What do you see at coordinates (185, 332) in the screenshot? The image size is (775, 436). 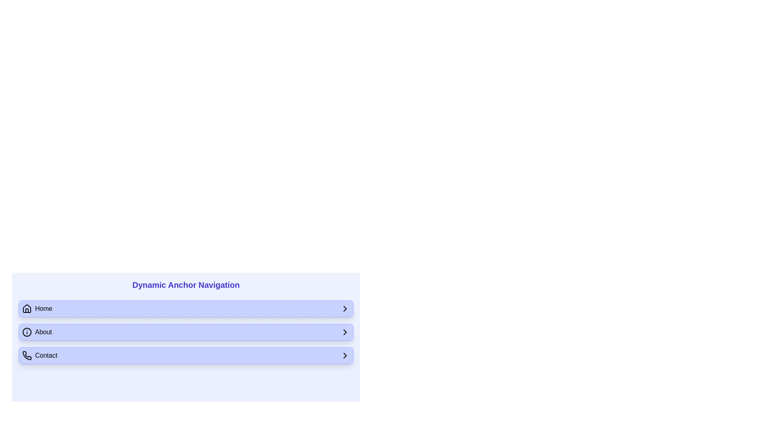 I see `the second item in the vertical navigation menu` at bounding box center [185, 332].